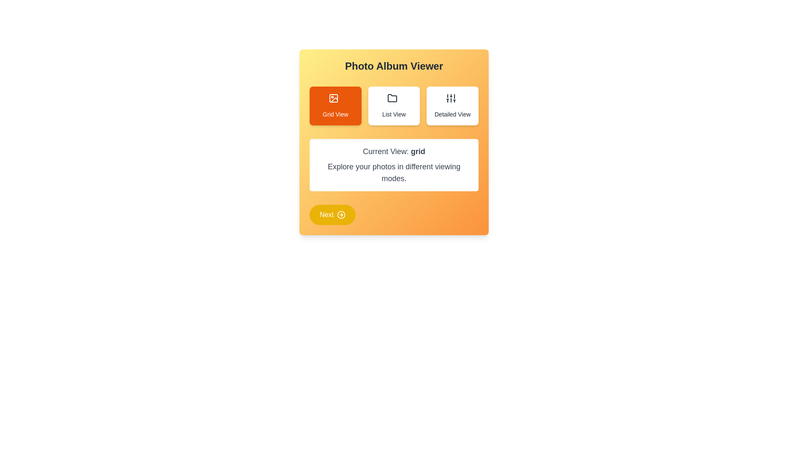  What do you see at coordinates (418, 151) in the screenshot?
I see `the bold text label 'grid' which is part of the 'Current View: grid' section, located in the center of the interface and aligned to the right of 'Current View'` at bounding box center [418, 151].